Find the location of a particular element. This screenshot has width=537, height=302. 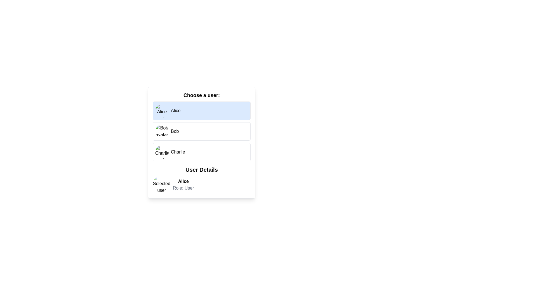

the text label displaying 'Alice' in bold font located under the 'Selected user' section, just above the 'Role: User' text in the 'User Details' panel is located at coordinates (183, 181).